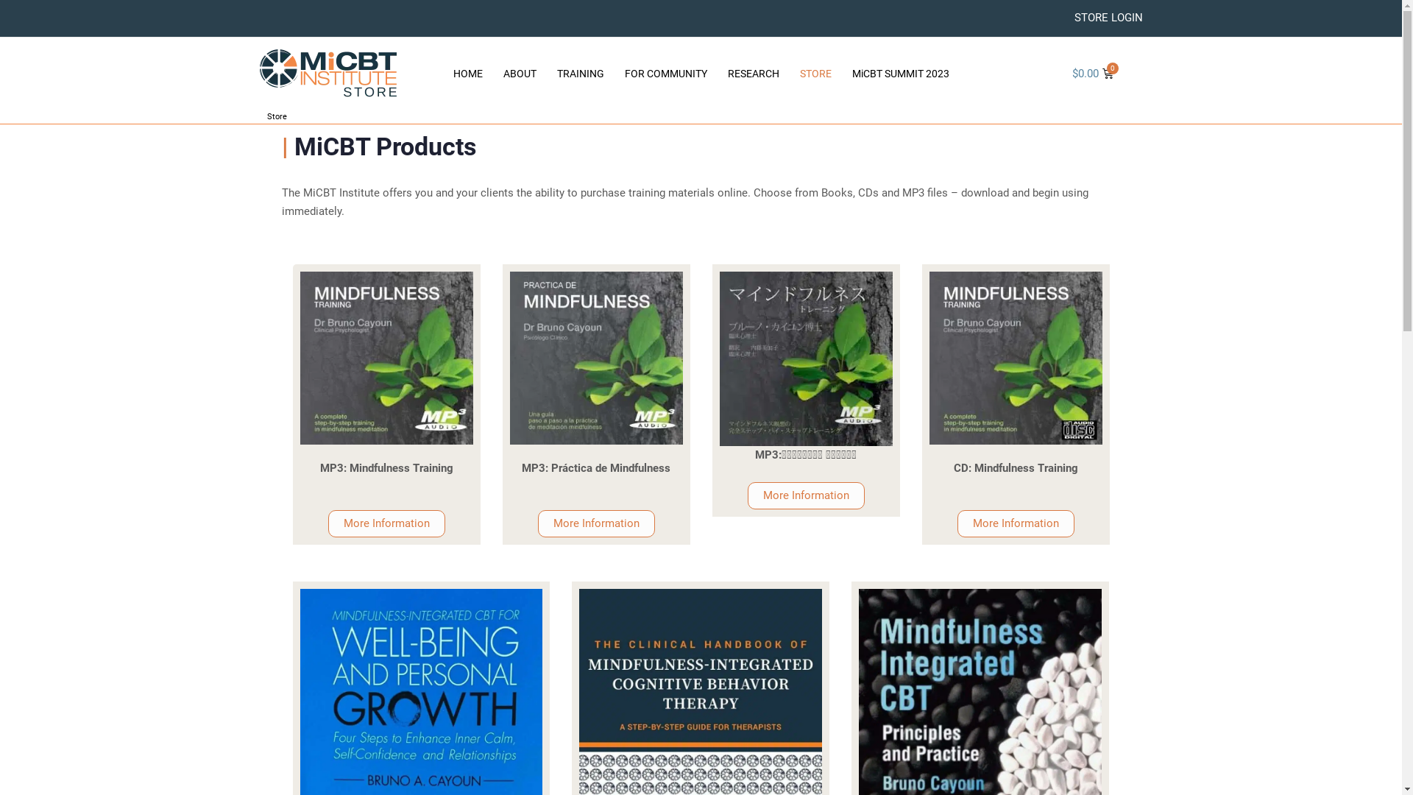 This screenshot has height=795, width=1413. What do you see at coordinates (520, 74) in the screenshot?
I see `'ABOUT'` at bounding box center [520, 74].